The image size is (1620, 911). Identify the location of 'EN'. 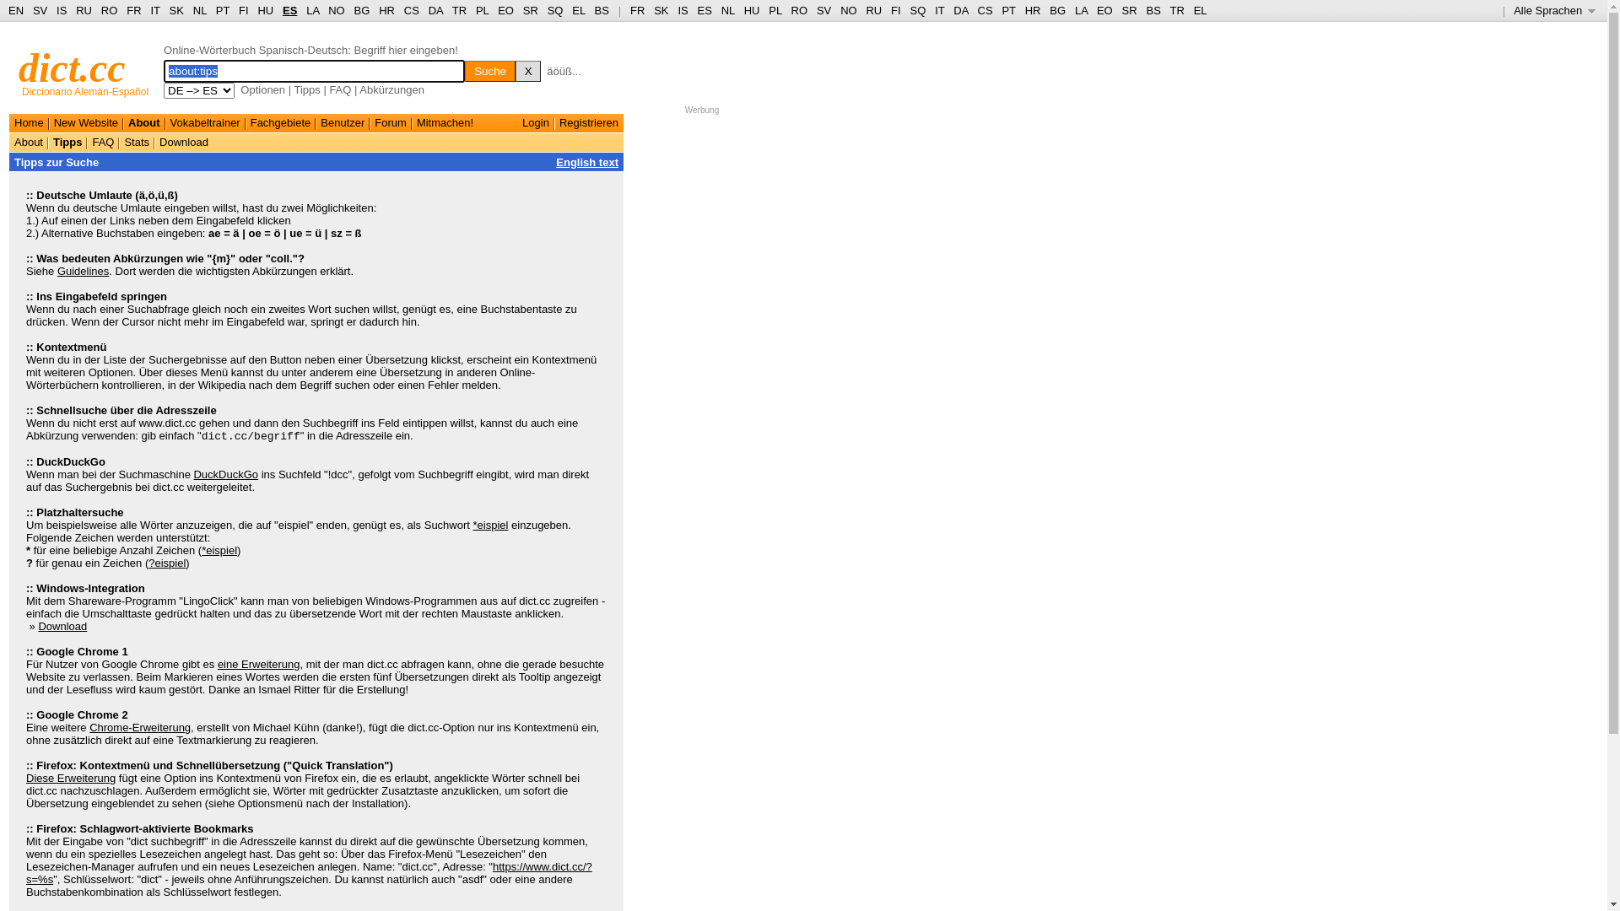
(16, 10).